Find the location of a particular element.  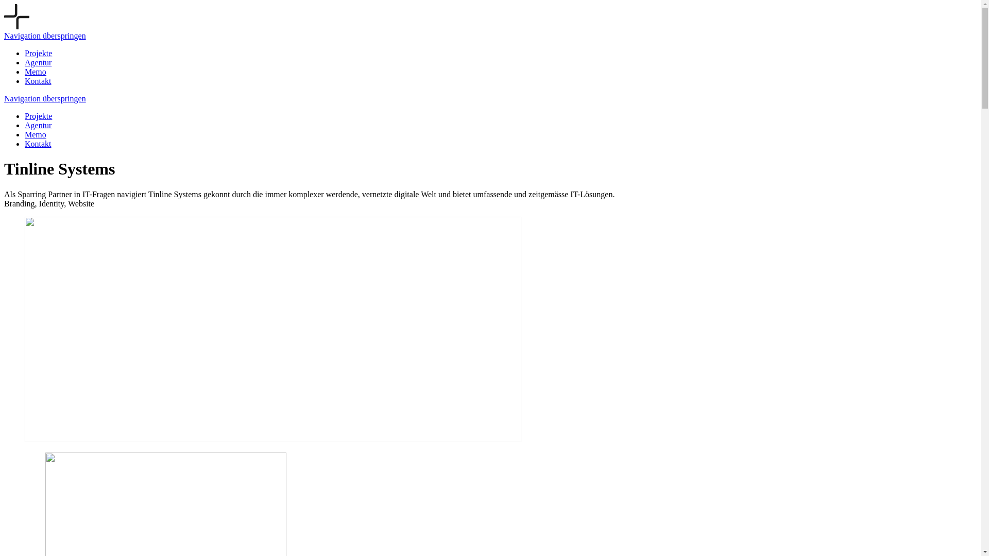

'Projekte' is located at coordinates (38, 53).